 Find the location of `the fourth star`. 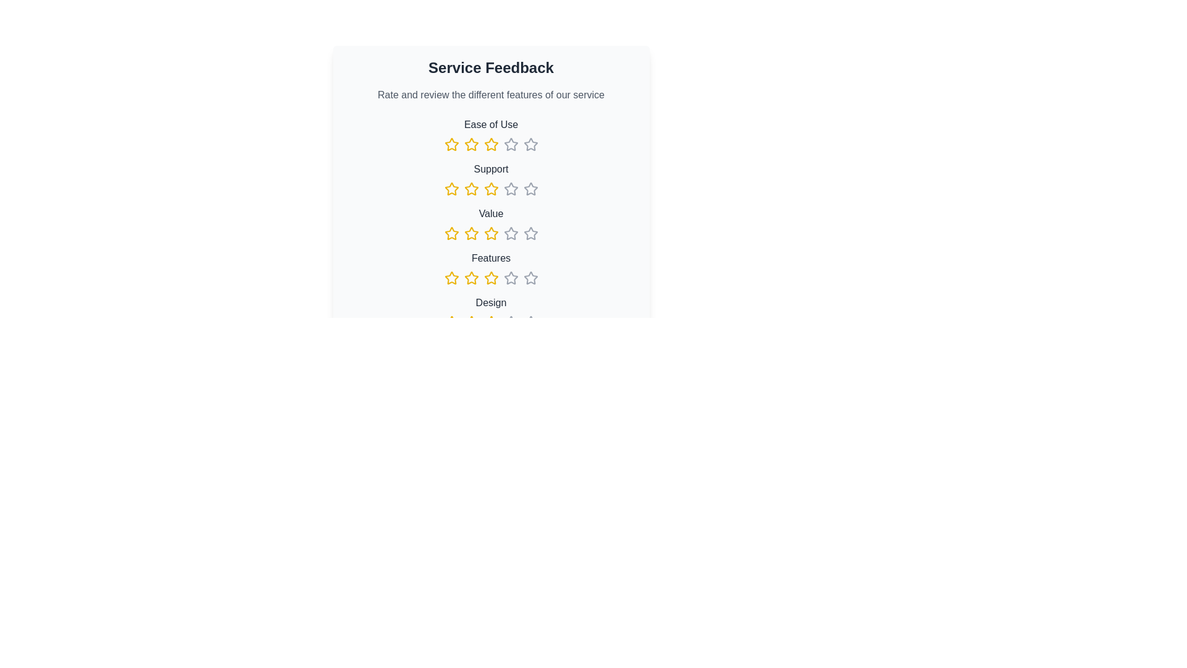

the fourth star is located at coordinates (530, 322).